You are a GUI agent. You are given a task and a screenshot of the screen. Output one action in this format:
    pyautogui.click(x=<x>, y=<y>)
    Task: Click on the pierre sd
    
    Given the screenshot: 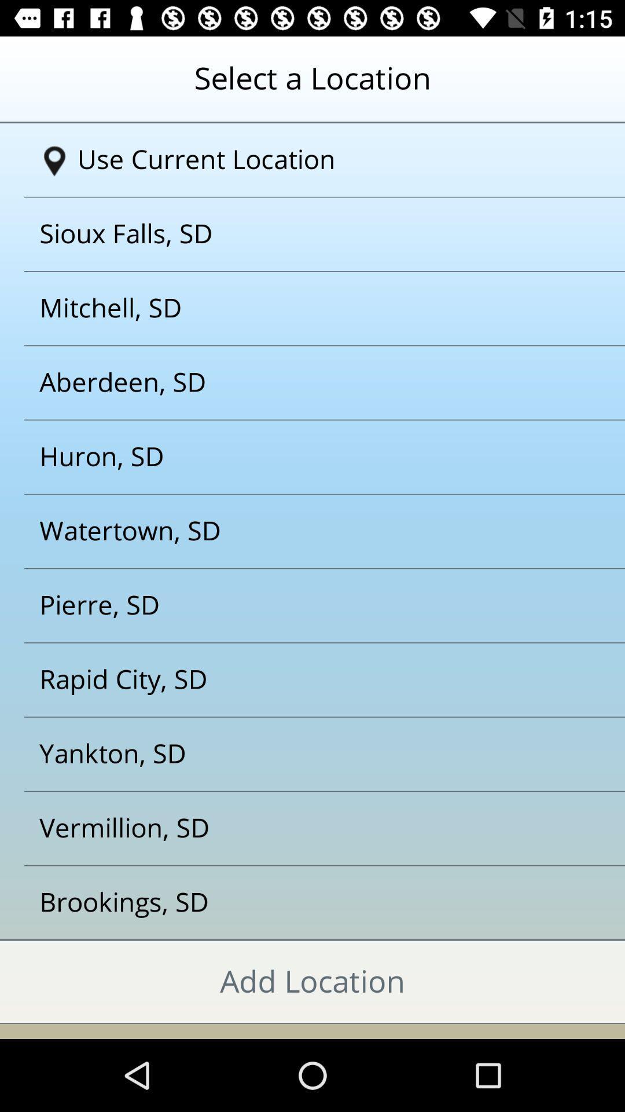 What is the action you would take?
    pyautogui.click(x=297, y=605)
    